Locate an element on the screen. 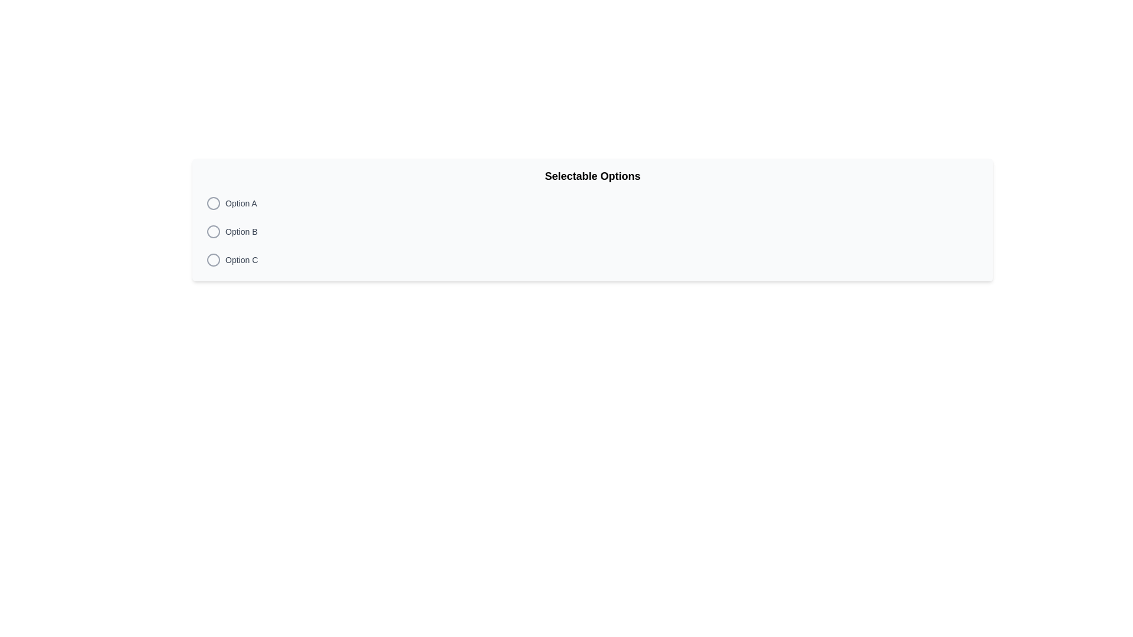 This screenshot has height=637, width=1133. the filled circular radio button indicator located within the third selectable option labeled 'Option C', which has a central dark dot and a lighter circular background is located at coordinates (213, 259).